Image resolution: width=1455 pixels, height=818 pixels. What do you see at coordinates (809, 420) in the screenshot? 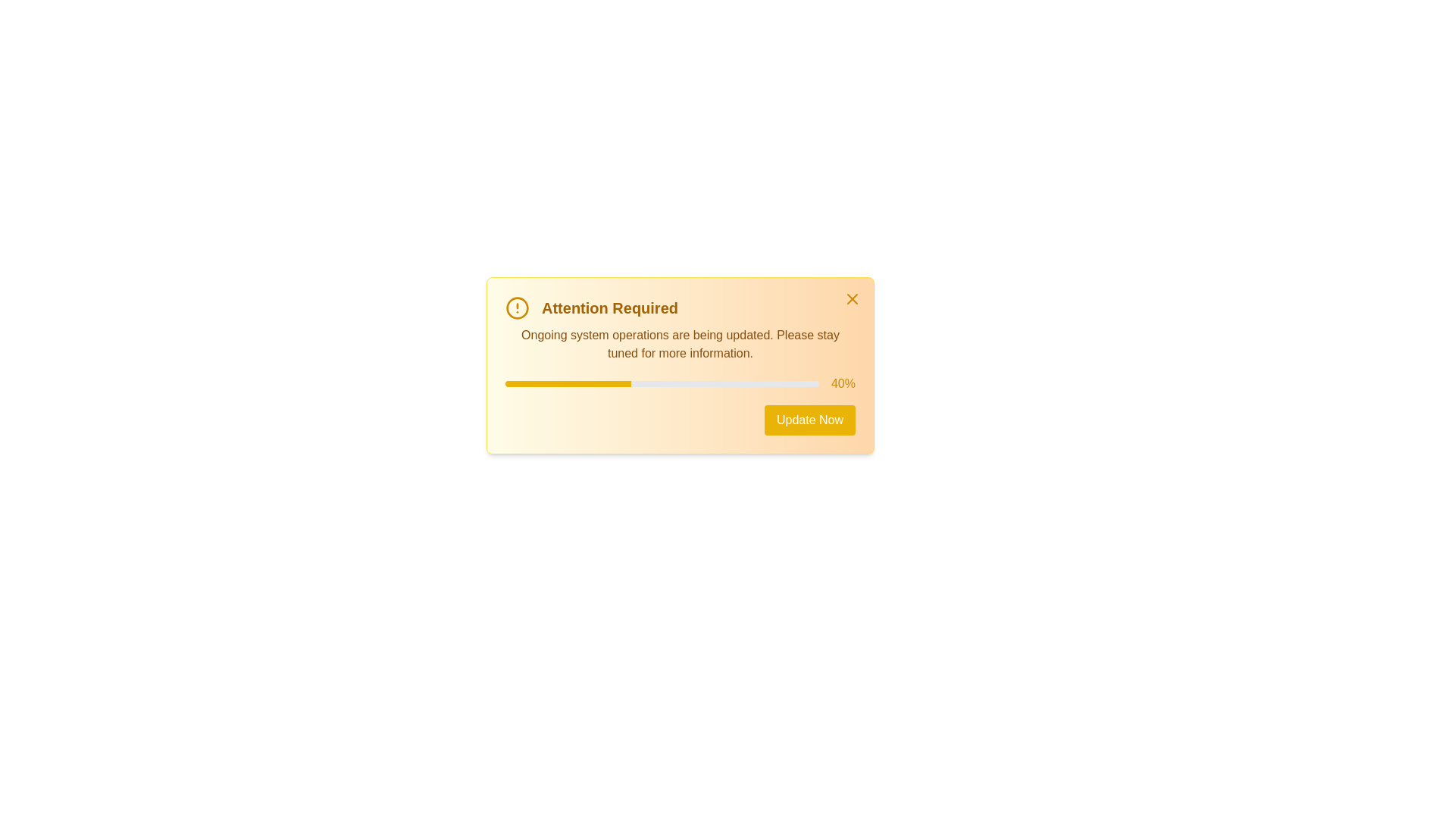
I see `'Update Now' button to initiate an action` at bounding box center [809, 420].